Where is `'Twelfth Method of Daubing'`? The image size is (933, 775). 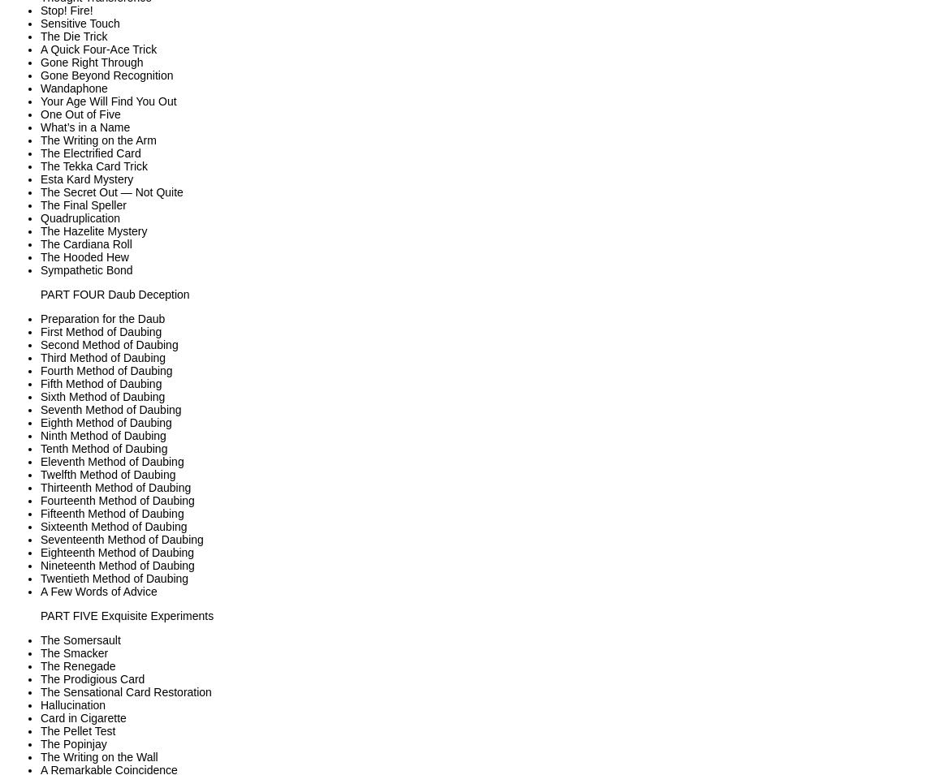 'Twelfth Method of Daubing' is located at coordinates (107, 475).